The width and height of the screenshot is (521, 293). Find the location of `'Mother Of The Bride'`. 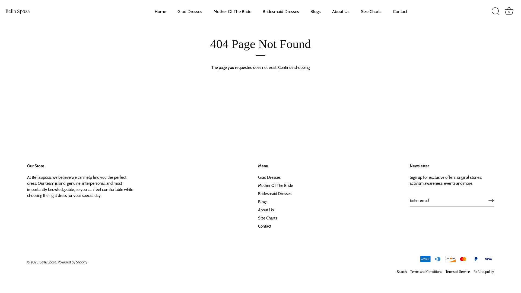

'Mother Of The Bride' is located at coordinates (258, 185).